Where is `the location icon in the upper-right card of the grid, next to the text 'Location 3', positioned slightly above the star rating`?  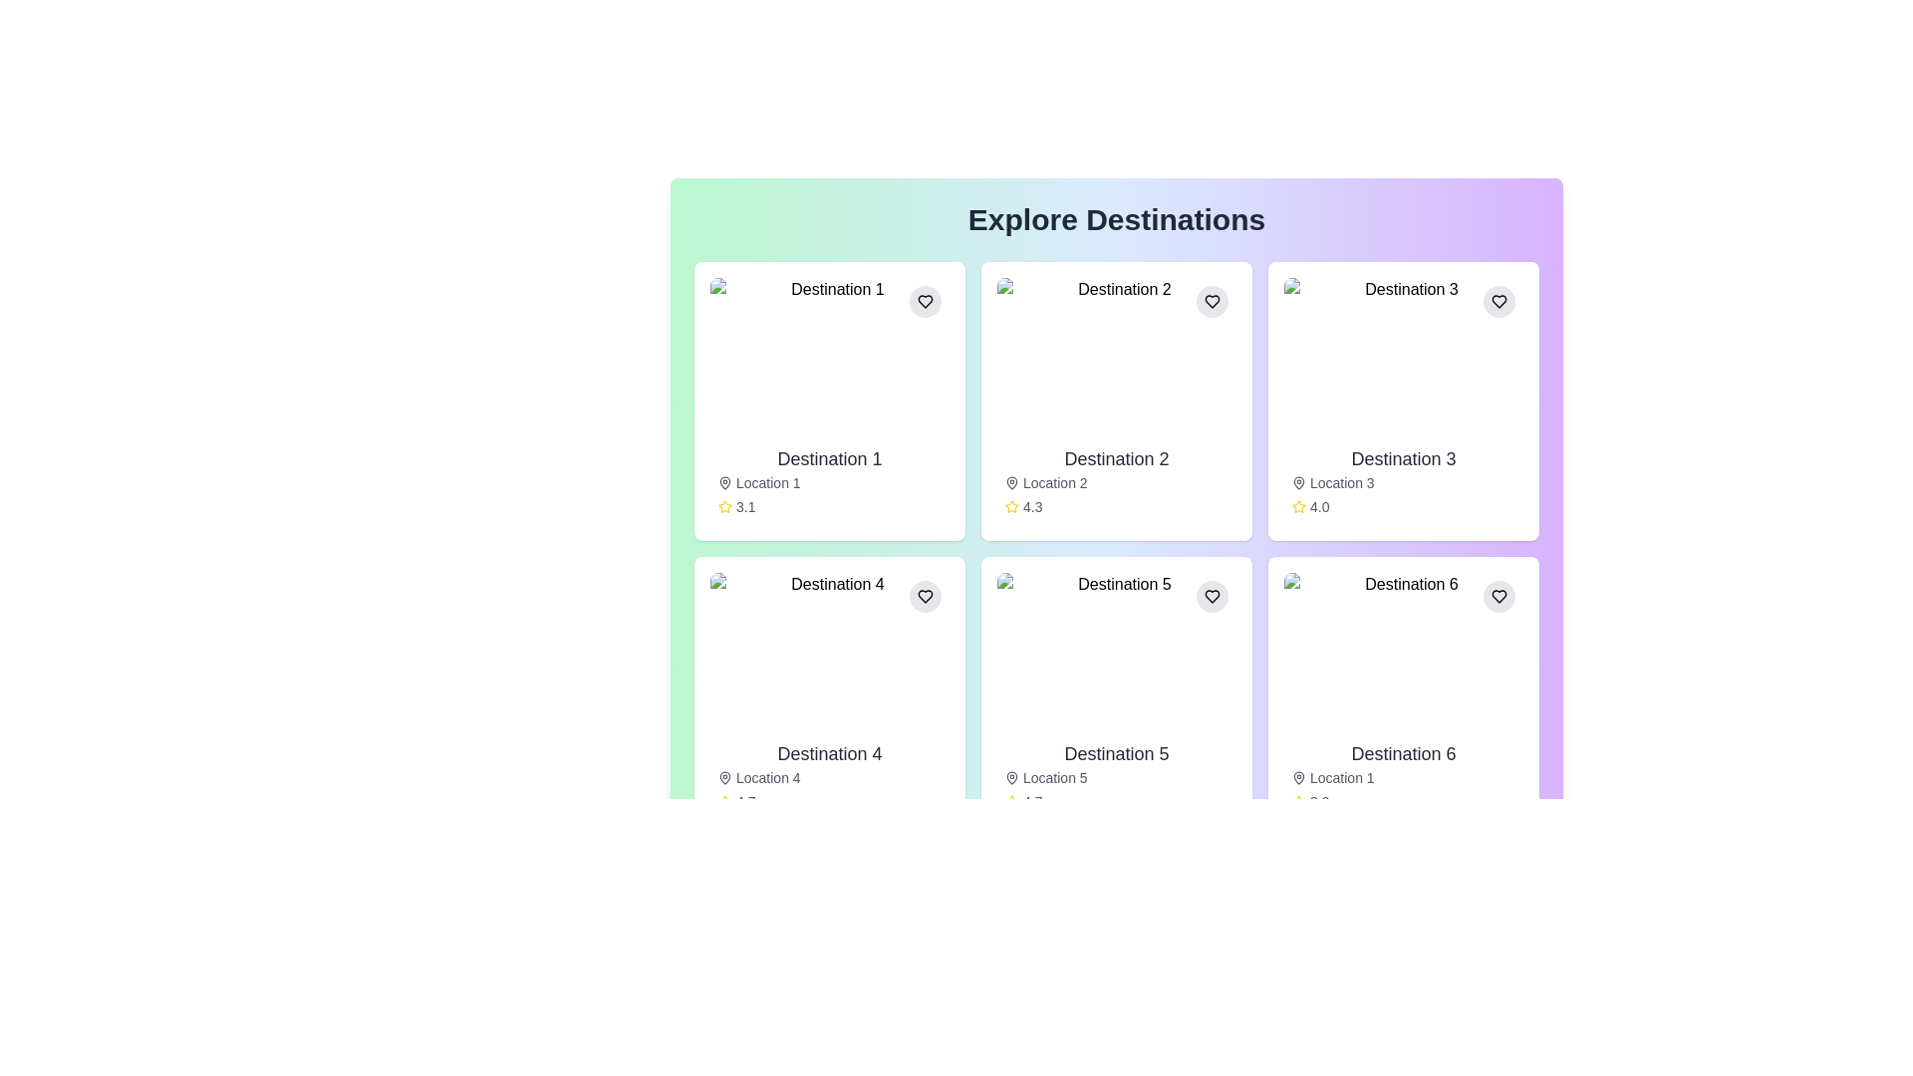 the location icon in the upper-right card of the grid, next to the text 'Location 3', positioned slightly above the star rating is located at coordinates (1299, 483).